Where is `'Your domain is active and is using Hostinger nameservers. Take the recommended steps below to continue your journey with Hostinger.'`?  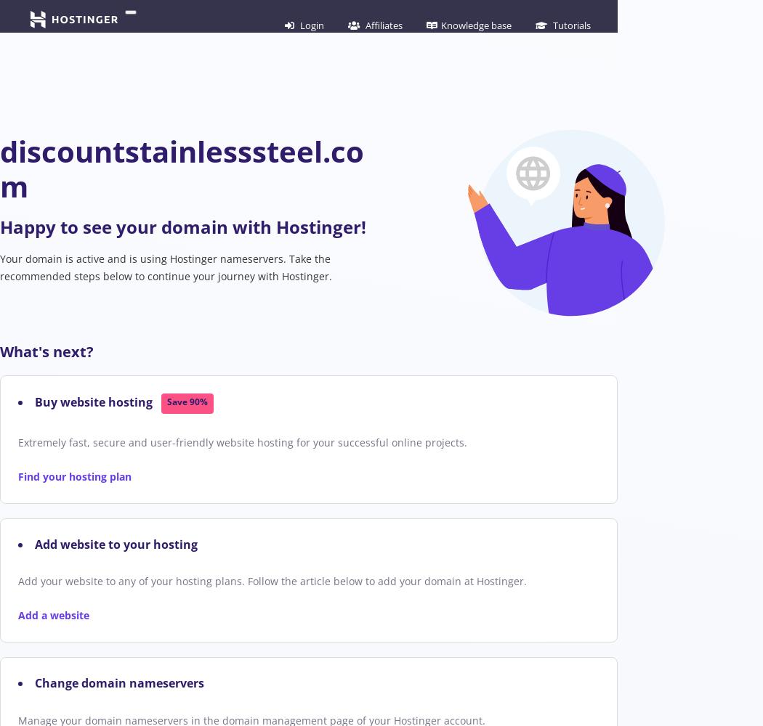
'Your domain is active and is using Hostinger nameservers. Take the recommended steps below to continue your journey with Hostinger.' is located at coordinates (0, 266).